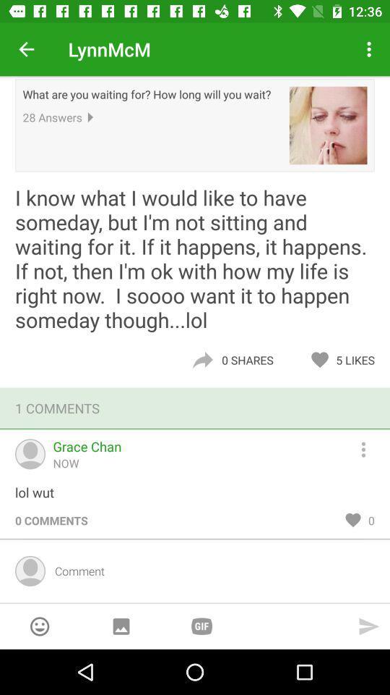  I want to click on send message, so click(369, 625).